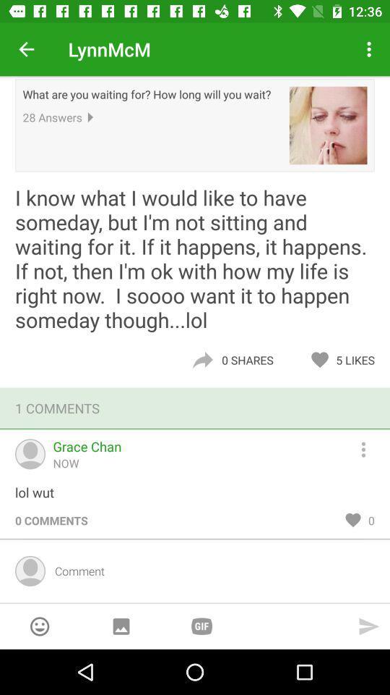  I want to click on send message, so click(369, 625).